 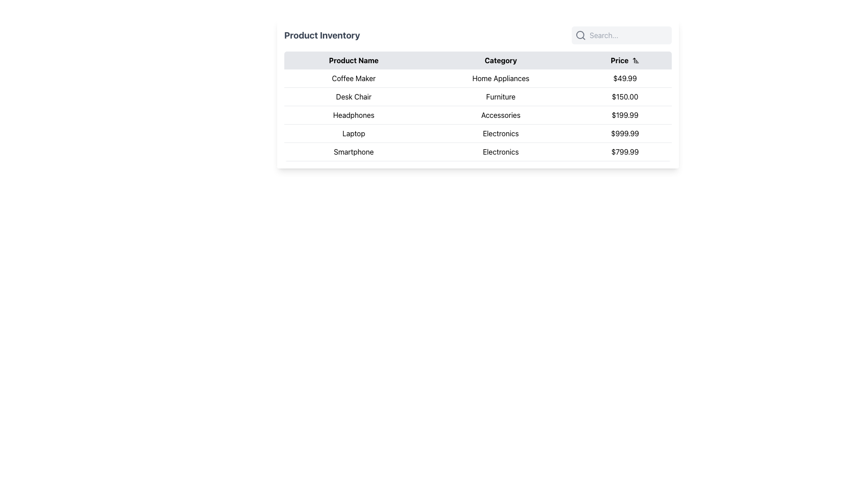 What do you see at coordinates (353, 78) in the screenshot?
I see `the 'Coffee Maker' text label located in the first row of the 'Product Name' column in the 'Product Inventory' table` at bounding box center [353, 78].